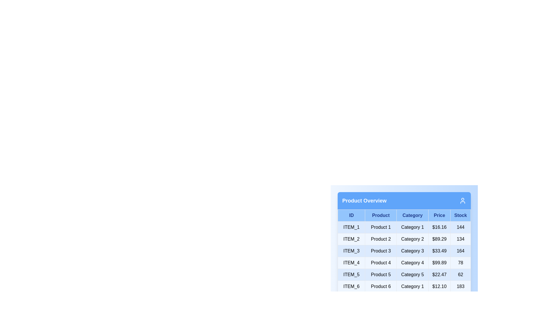  Describe the element at coordinates (364, 200) in the screenshot. I see `the 'Product Overview' header to highlight the text` at that location.